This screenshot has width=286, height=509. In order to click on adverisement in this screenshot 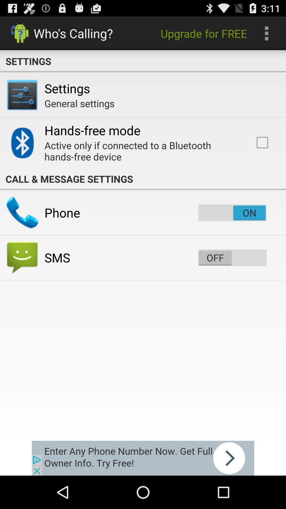, I will do `click(143, 458)`.